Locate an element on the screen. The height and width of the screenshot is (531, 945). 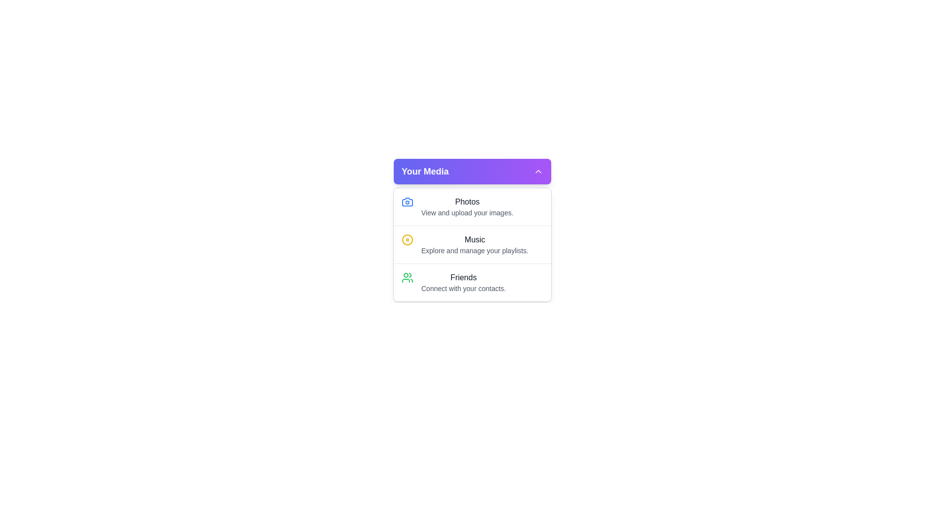
the camera icon located in the 'Your Media' section, which is associated with photo-related actions is located at coordinates (408, 202).